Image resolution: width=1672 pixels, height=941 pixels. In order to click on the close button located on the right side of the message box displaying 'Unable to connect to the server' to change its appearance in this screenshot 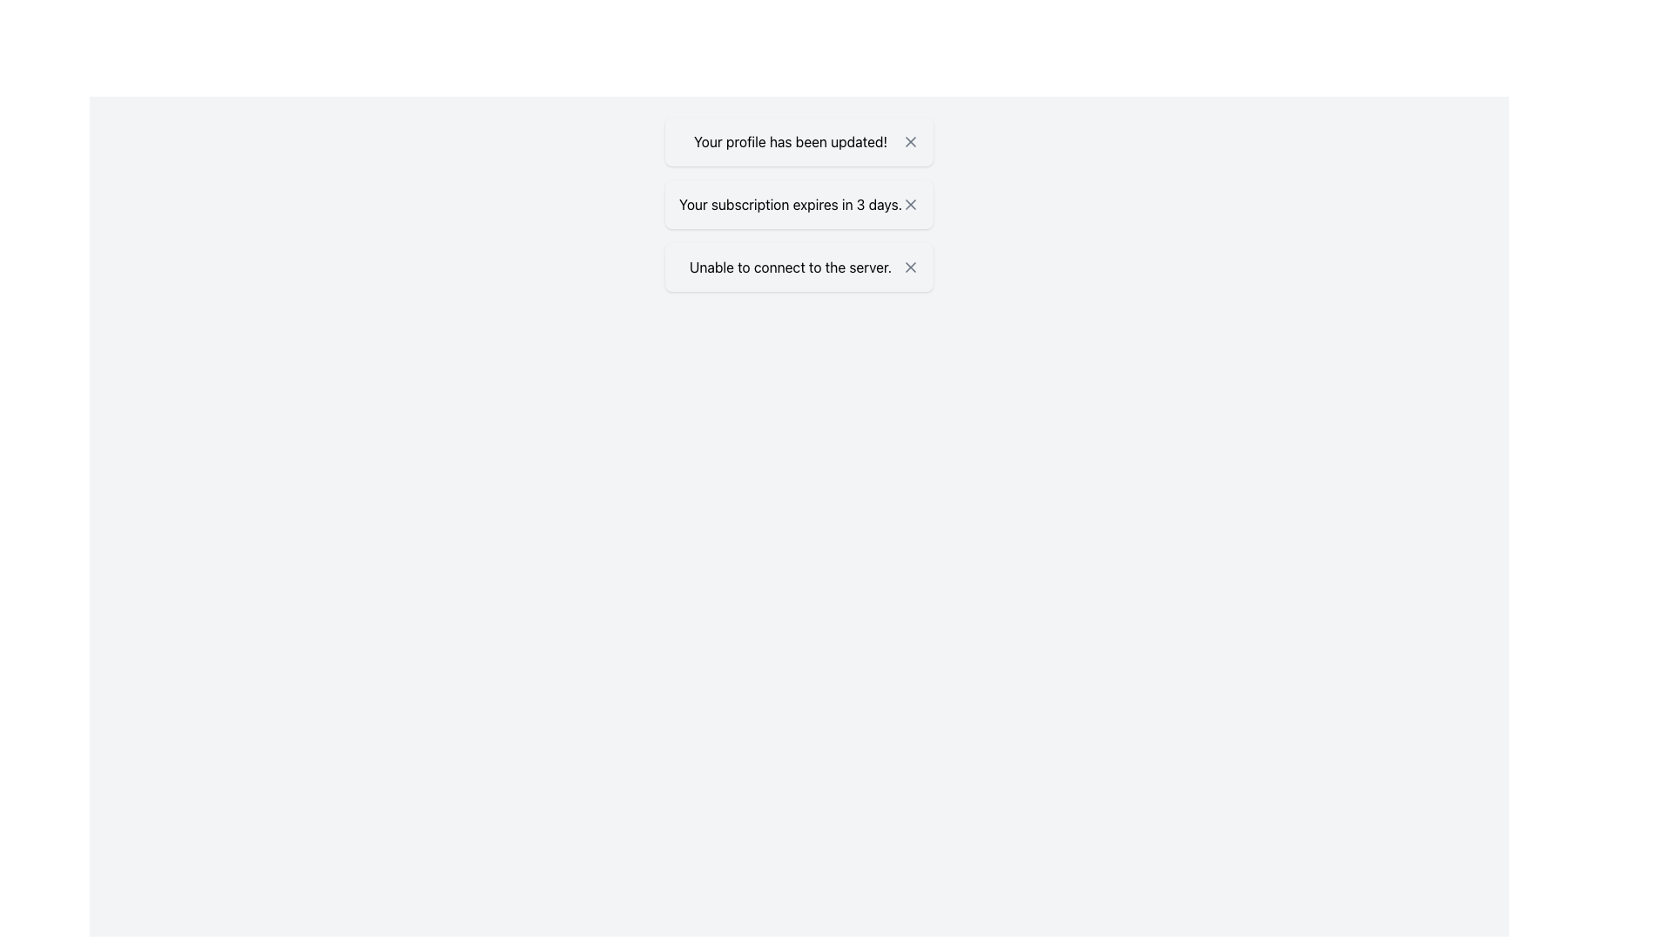, I will do `click(910, 267)`.